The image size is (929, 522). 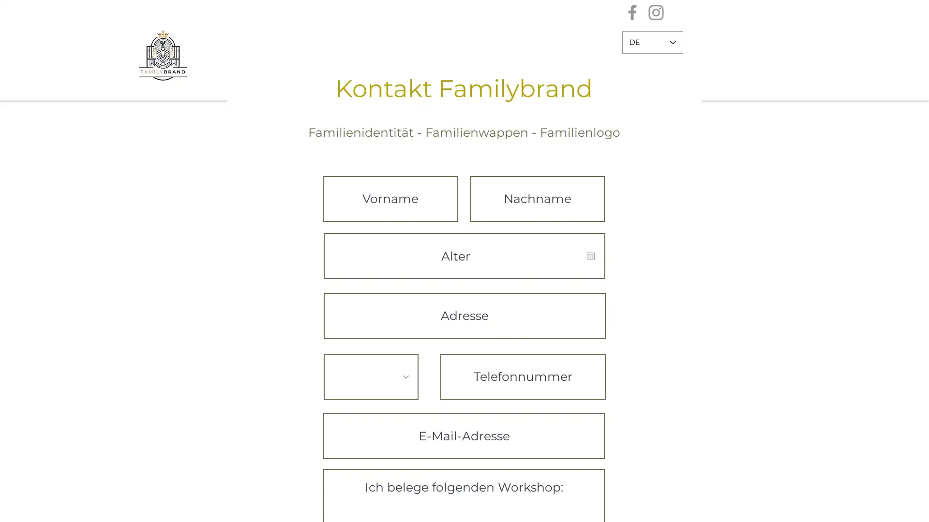 What do you see at coordinates (878, 506) in the screenshot?
I see `Zustimmen` at bounding box center [878, 506].